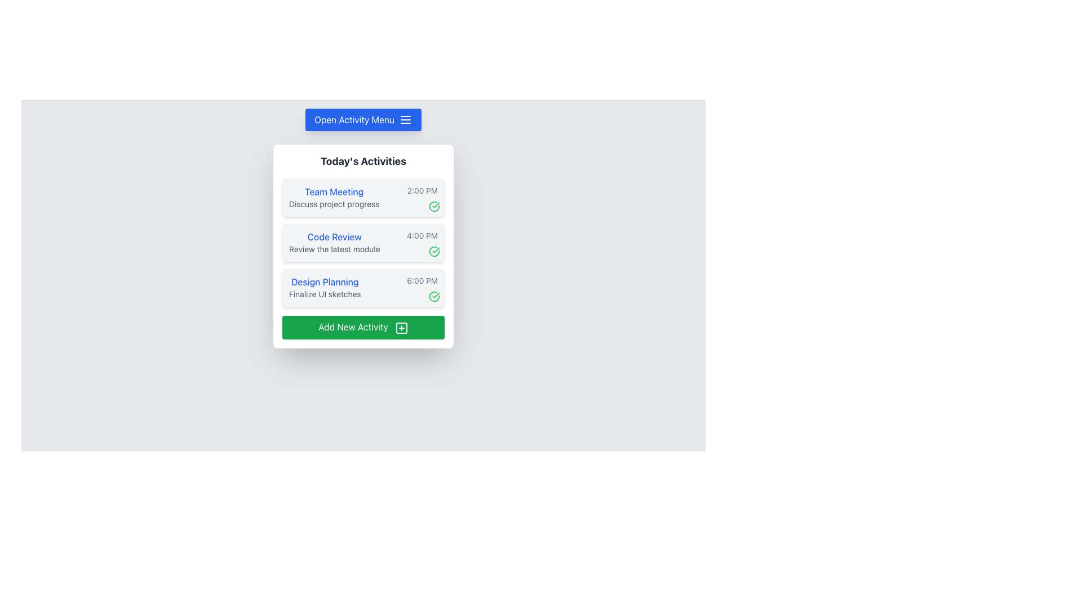  What do you see at coordinates (324, 281) in the screenshot?
I see `the text label titled 'Design Planning', which is the third entry in the list of activities, located on a white card between 'Code Review' and 'Add New Activity'` at bounding box center [324, 281].